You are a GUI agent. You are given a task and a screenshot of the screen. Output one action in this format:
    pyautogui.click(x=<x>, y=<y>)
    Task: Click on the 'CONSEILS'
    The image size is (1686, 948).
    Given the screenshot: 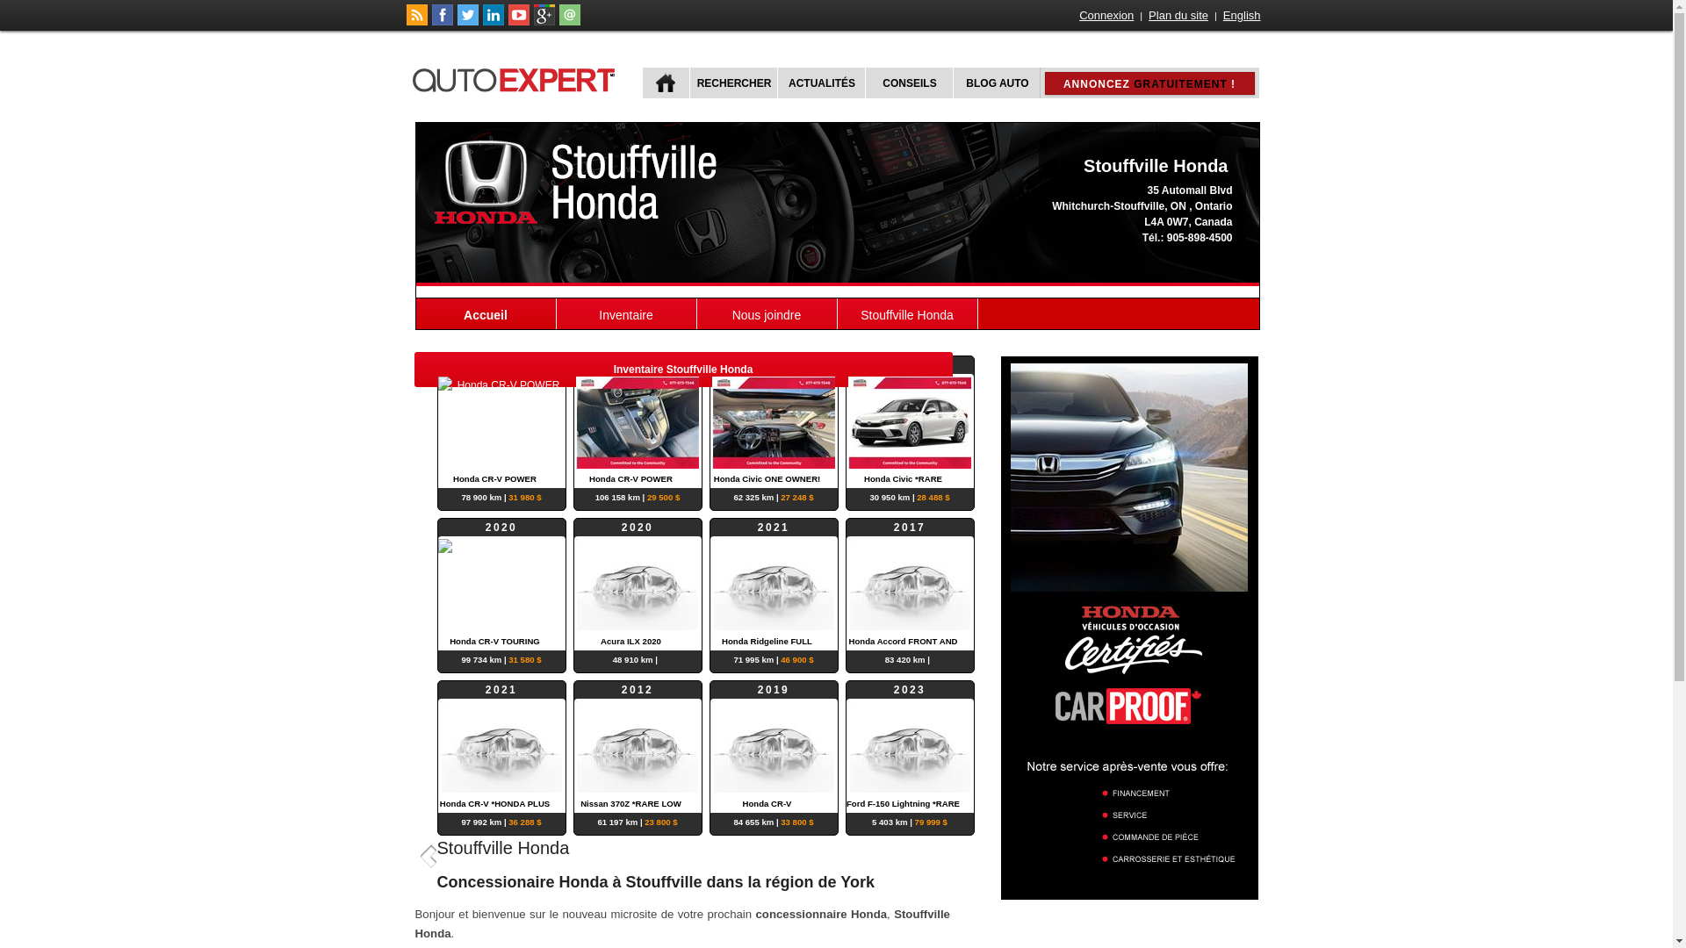 What is the action you would take?
    pyautogui.click(x=907, y=83)
    